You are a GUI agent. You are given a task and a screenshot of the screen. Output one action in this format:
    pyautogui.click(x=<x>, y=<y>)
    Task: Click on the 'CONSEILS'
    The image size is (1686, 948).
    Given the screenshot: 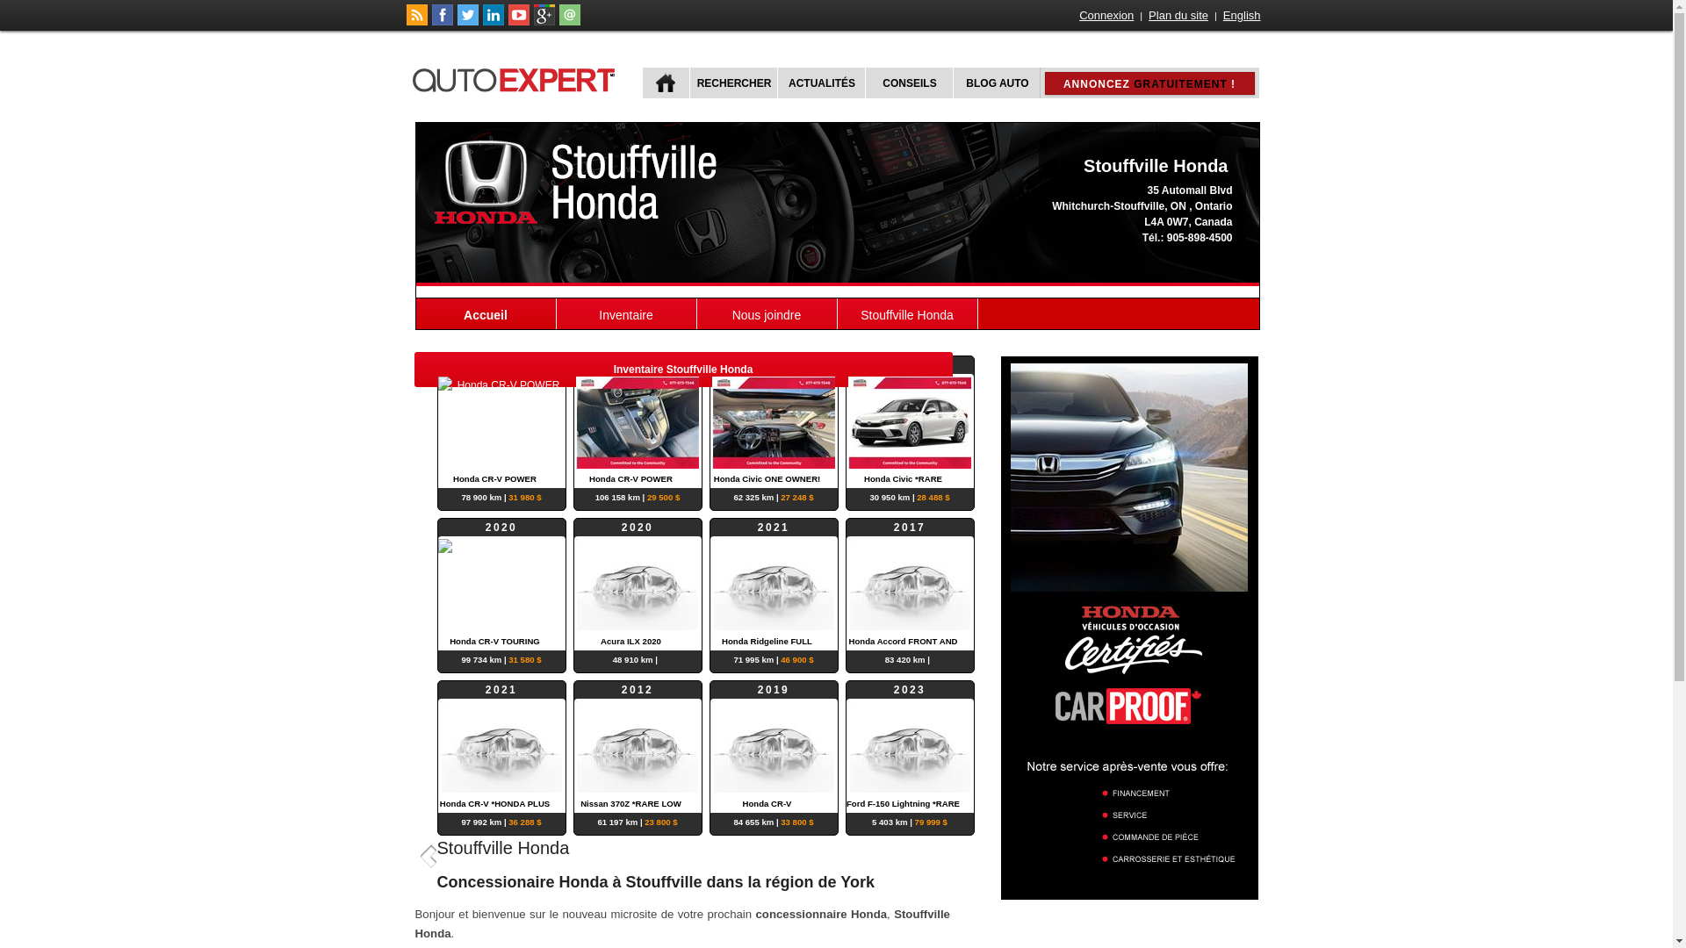 What is the action you would take?
    pyautogui.click(x=907, y=83)
    